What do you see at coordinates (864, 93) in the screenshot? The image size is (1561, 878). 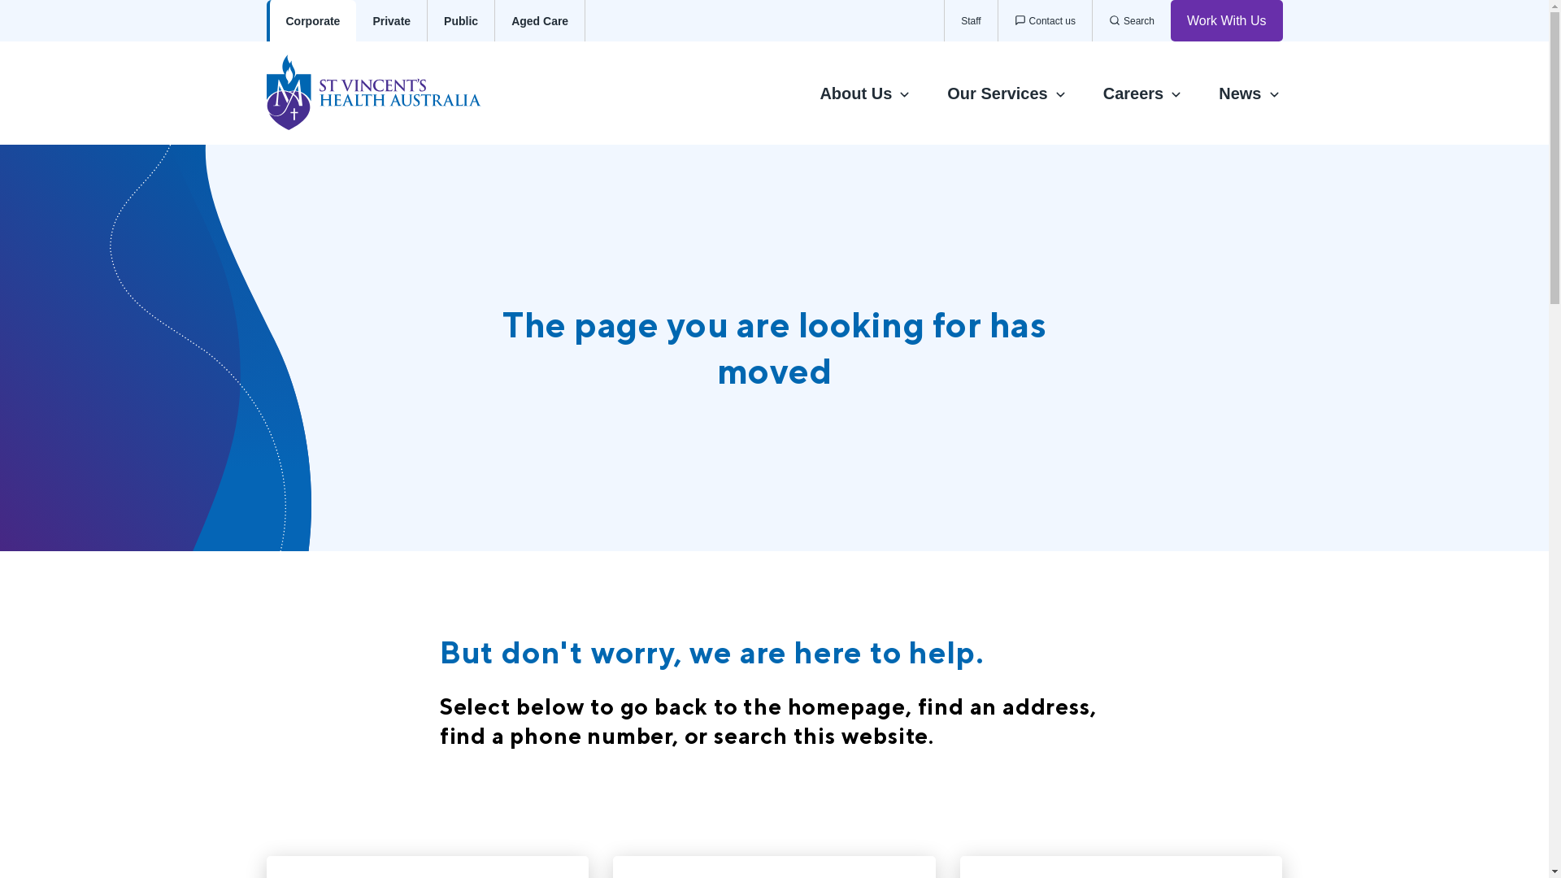 I see `'About Us'` at bounding box center [864, 93].